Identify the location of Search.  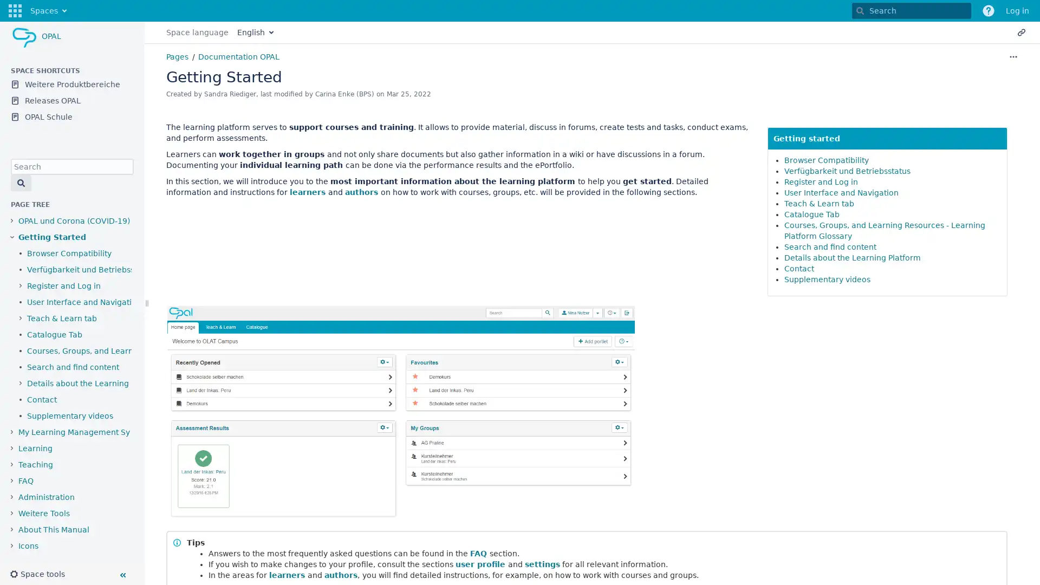
(21, 183).